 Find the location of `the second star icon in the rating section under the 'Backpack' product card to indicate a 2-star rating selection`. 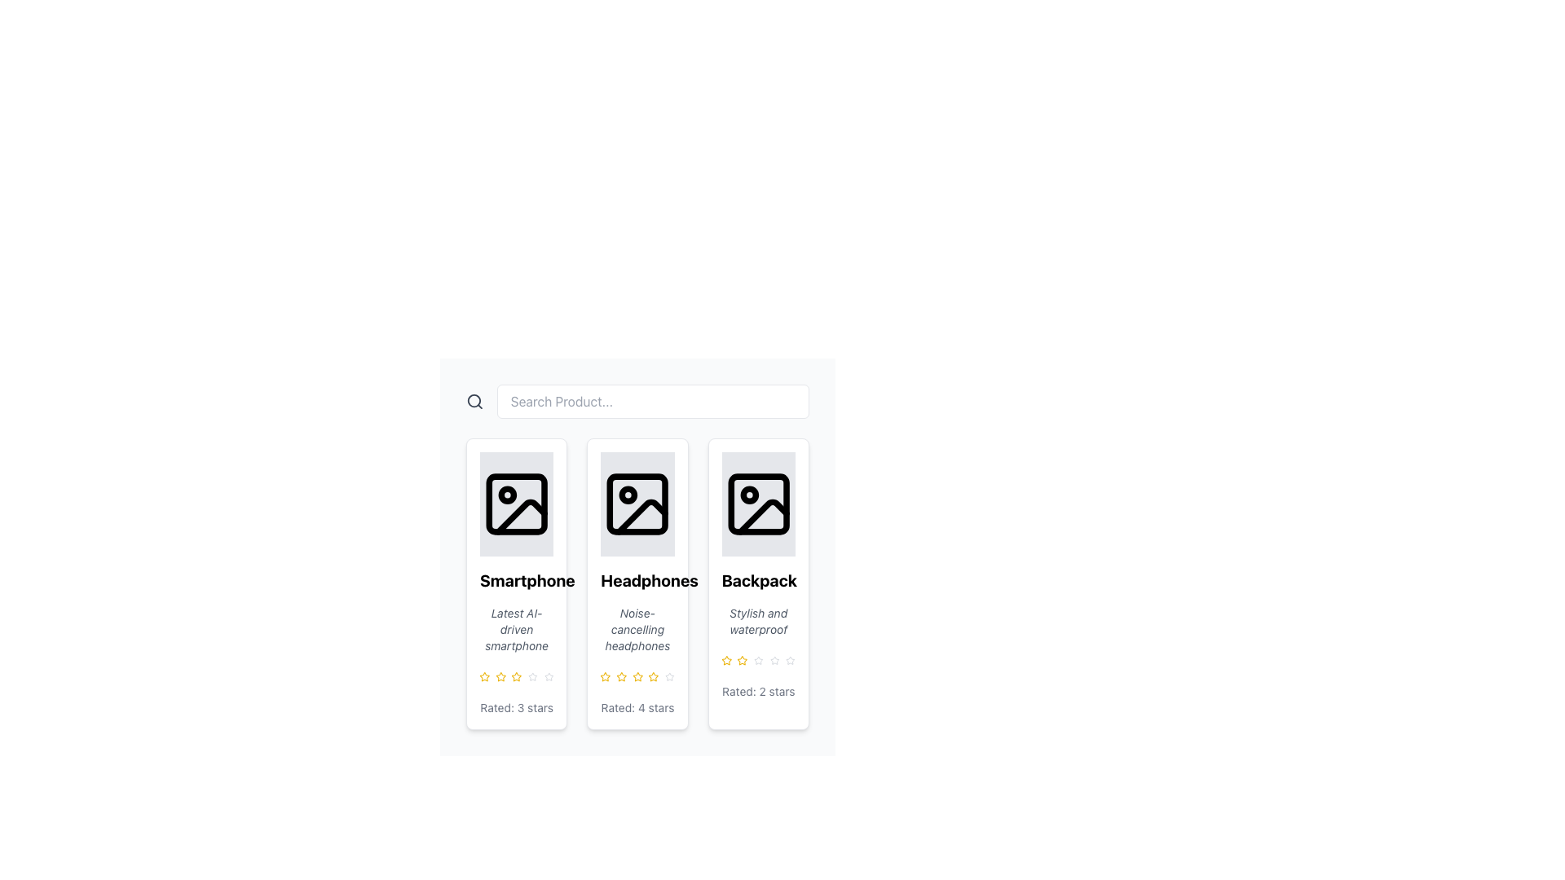

the second star icon in the rating section under the 'Backpack' product card to indicate a 2-star rating selection is located at coordinates (742, 660).